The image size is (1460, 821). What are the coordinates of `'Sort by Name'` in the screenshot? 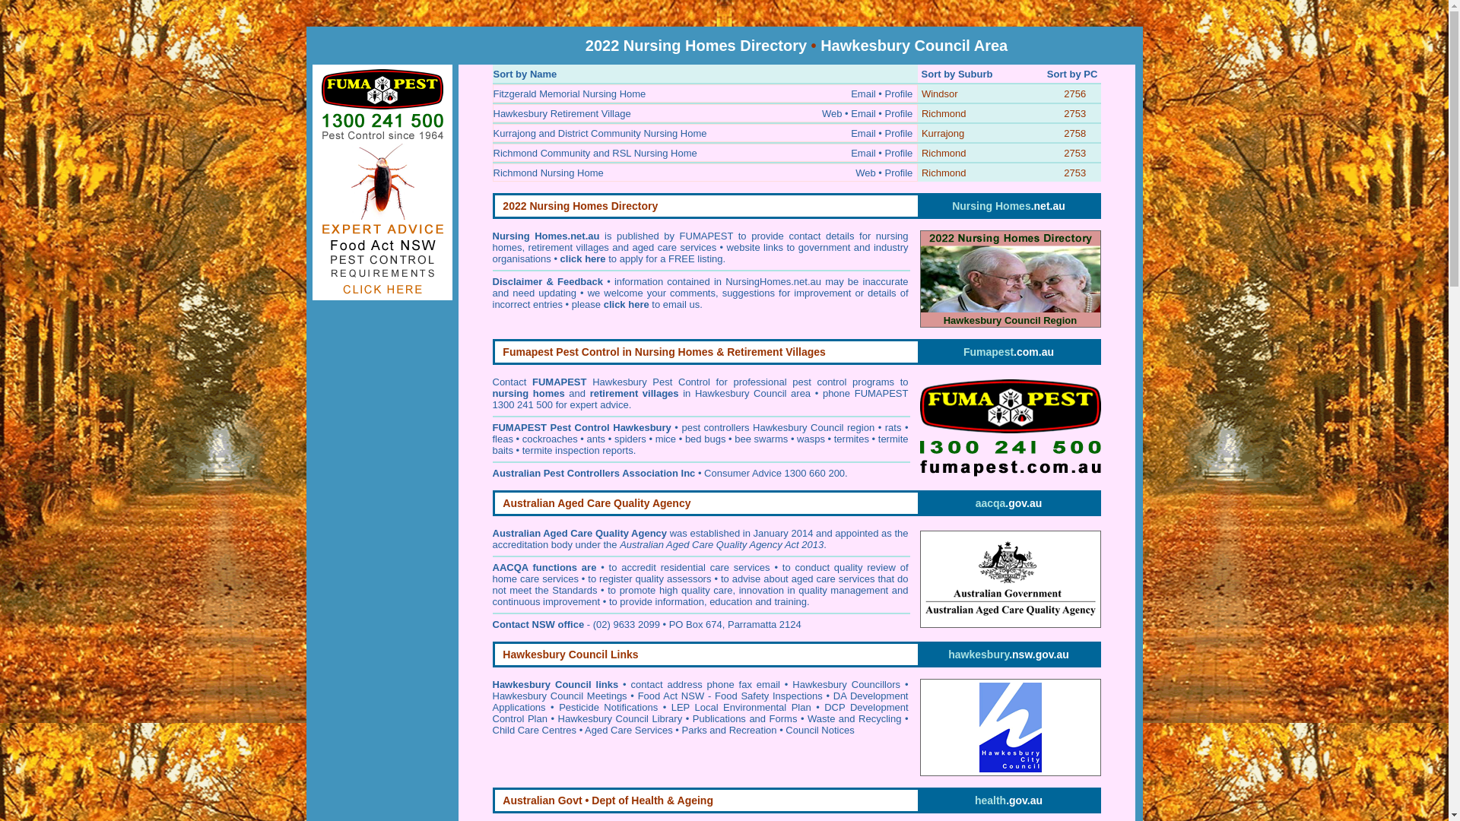 It's located at (525, 74).